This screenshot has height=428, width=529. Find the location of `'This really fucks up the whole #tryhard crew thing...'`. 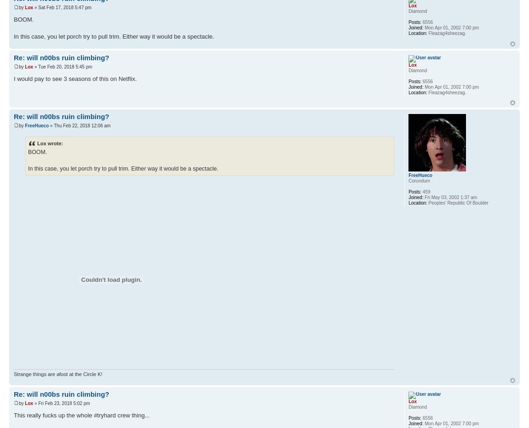

'This really fucks up the whole #tryhard crew thing...' is located at coordinates (81, 415).